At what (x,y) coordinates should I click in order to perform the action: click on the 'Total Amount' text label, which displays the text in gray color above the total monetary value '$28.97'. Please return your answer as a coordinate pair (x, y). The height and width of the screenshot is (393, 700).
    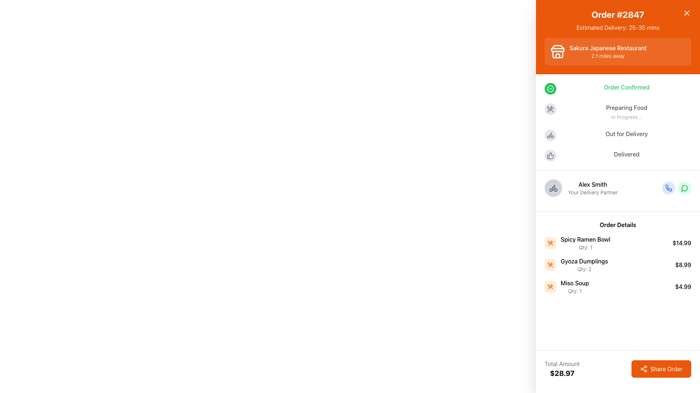
    Looking at the image, I should click on (562, 364).